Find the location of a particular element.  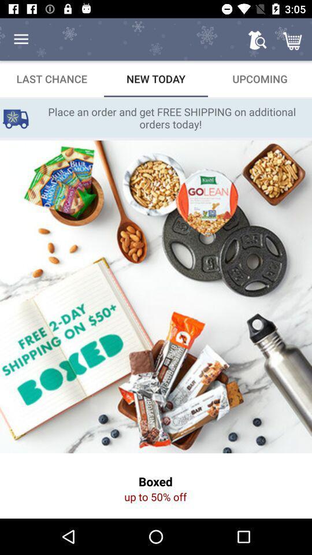

item above upcoming item is located at coordinates (294, 39).